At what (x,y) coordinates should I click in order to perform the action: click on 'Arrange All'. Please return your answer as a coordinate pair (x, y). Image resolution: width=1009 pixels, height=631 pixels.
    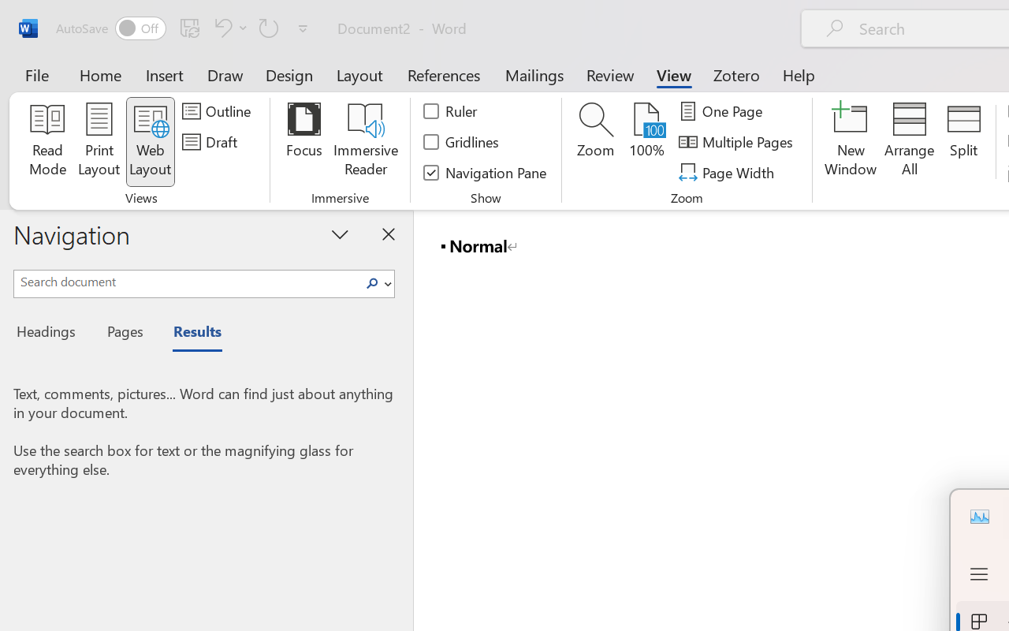
    Looking at the image, I should click on (909, 141).